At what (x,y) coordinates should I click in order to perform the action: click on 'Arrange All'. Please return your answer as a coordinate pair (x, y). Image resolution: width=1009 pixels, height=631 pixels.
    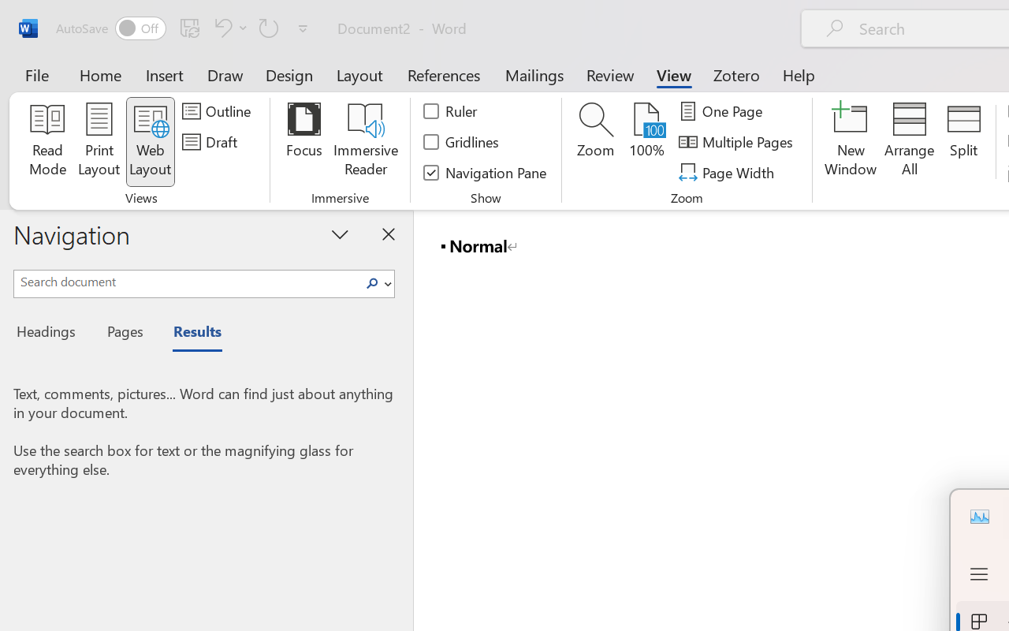
    Looking at the image, I should click on (909, 141).